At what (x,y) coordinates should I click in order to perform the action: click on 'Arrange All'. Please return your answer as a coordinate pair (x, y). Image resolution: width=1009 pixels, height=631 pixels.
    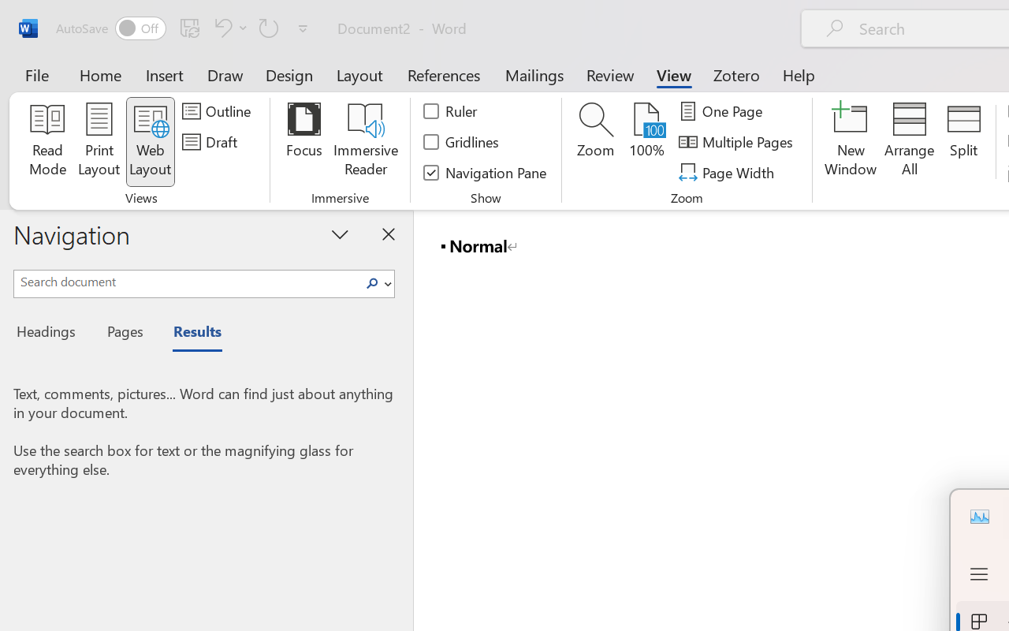
    Looking at the image, I should click on (909, 141).